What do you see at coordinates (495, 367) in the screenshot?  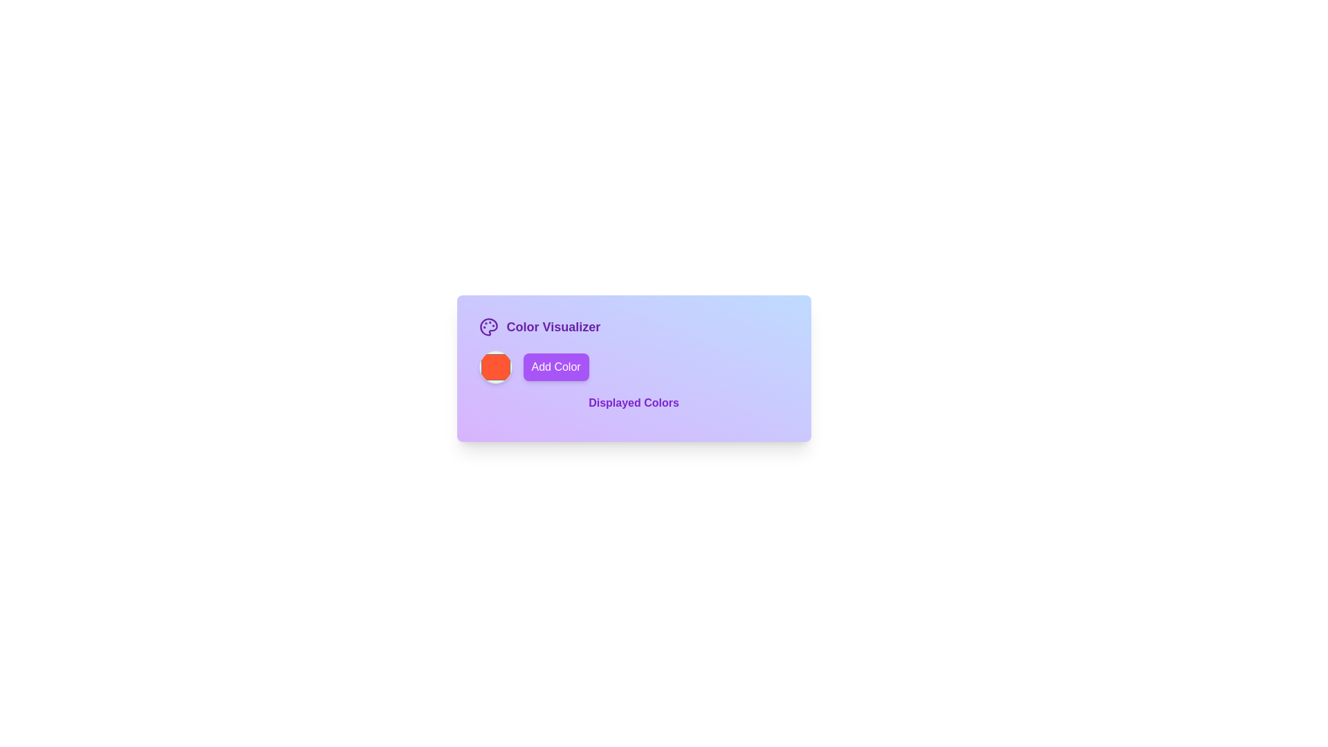 I see `the circular color sample picker, which is a distinctive orange-red circular icon bordered in gray` at bounding box center [495, 367].